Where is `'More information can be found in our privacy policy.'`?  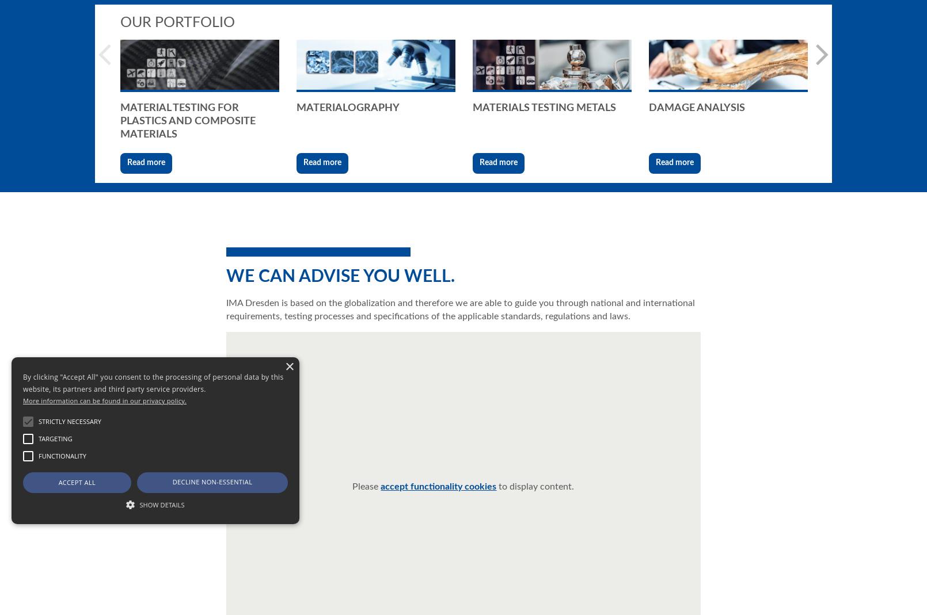 'More information can be found in our privacy policy.' is located at coordinates (104, 400).